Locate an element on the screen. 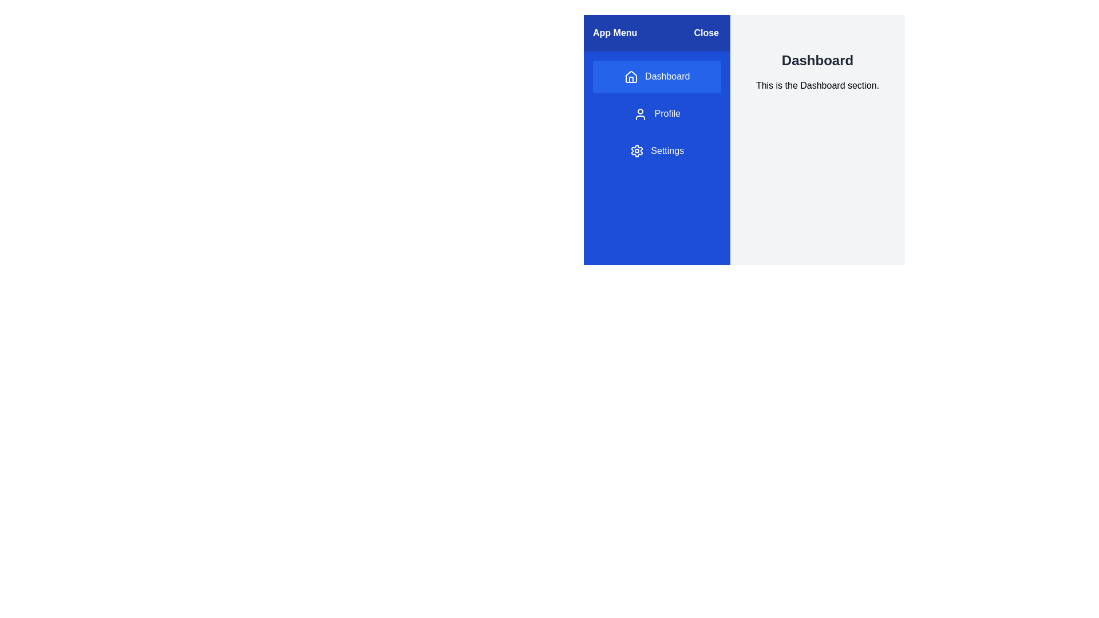 This screenshot has height=618, width=1099. the menu item Settings is located at coordinates (657, 150).